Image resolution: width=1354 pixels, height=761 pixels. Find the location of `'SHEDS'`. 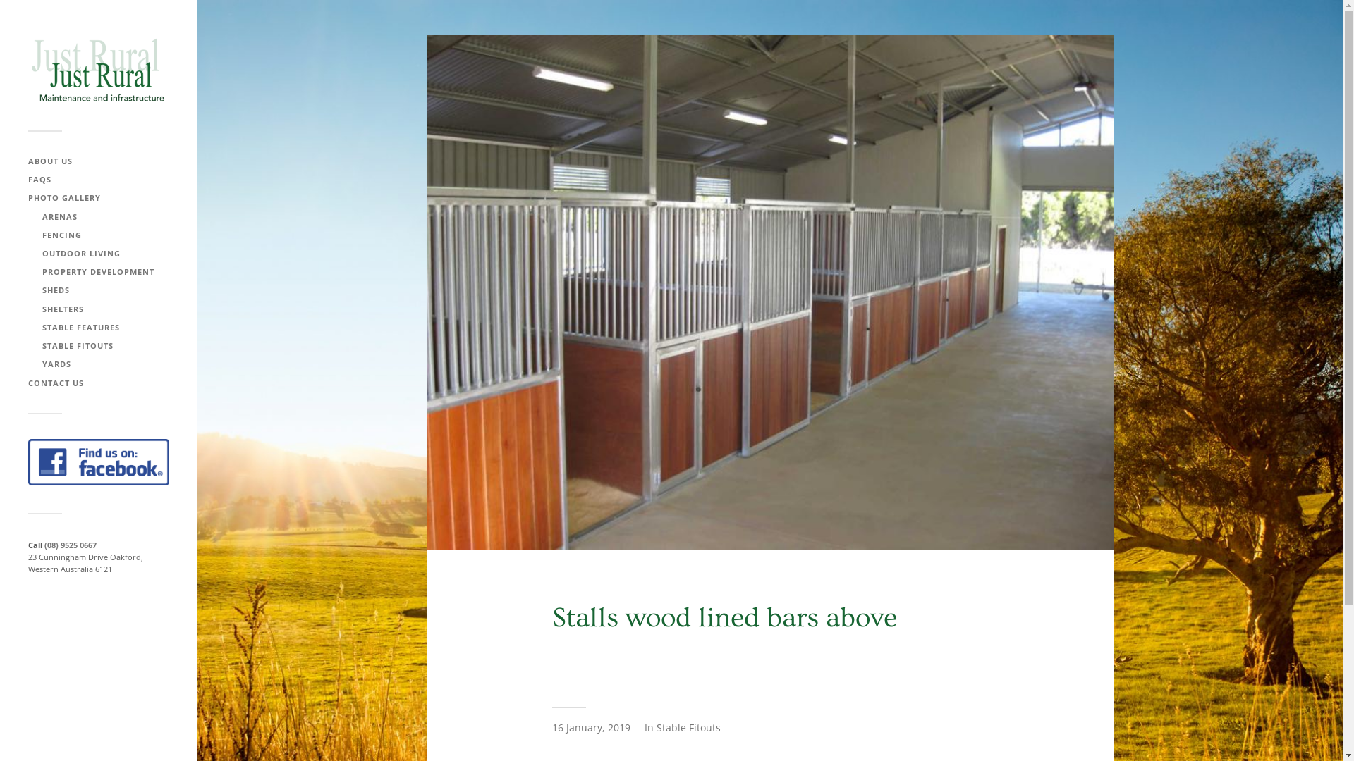

'SHEDS' is located at coordinates (42, 289).